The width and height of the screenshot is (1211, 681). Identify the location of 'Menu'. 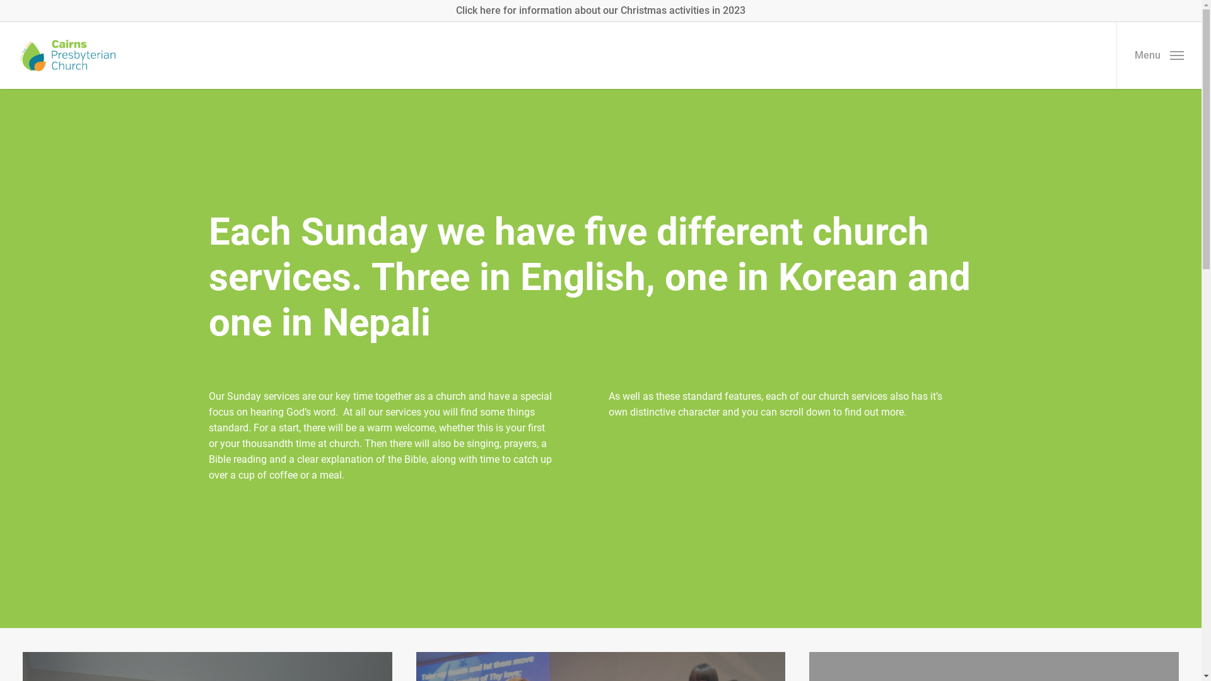
(1159, 55).